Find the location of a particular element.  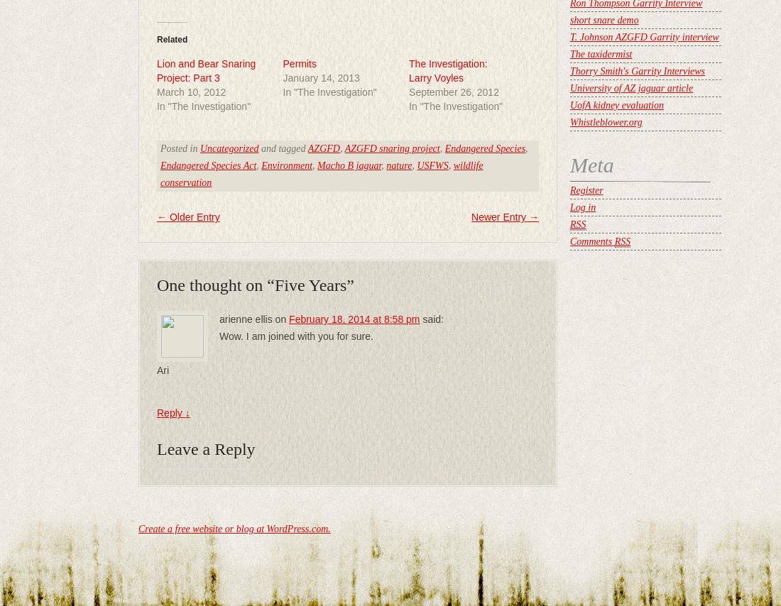

'Whistleblower.org' is located at coordinates (605, 122).